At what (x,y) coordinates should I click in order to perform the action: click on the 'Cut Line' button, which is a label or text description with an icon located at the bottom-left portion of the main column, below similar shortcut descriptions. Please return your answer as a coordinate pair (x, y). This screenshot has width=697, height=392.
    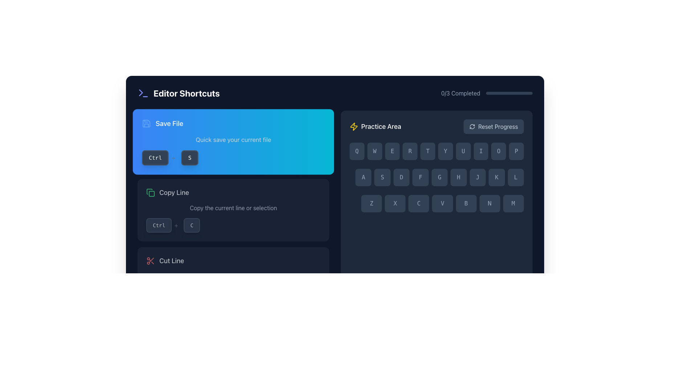
    Looking at the image, I should click on (165, 260).